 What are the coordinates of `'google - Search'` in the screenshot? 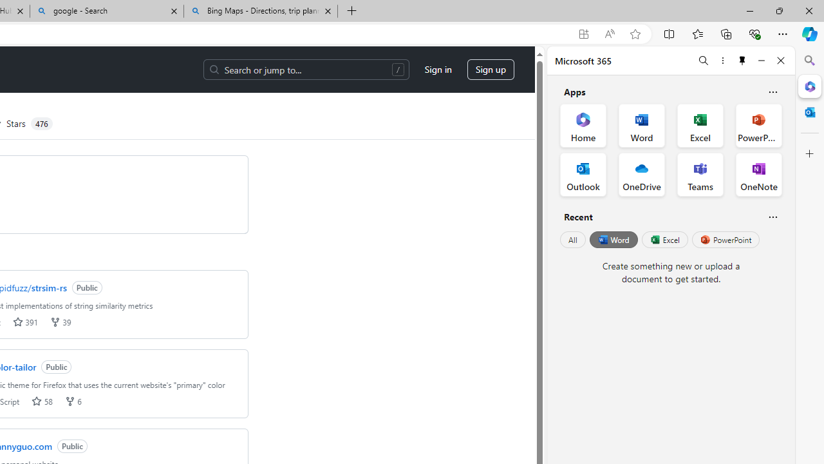 It's located at (107, 11).